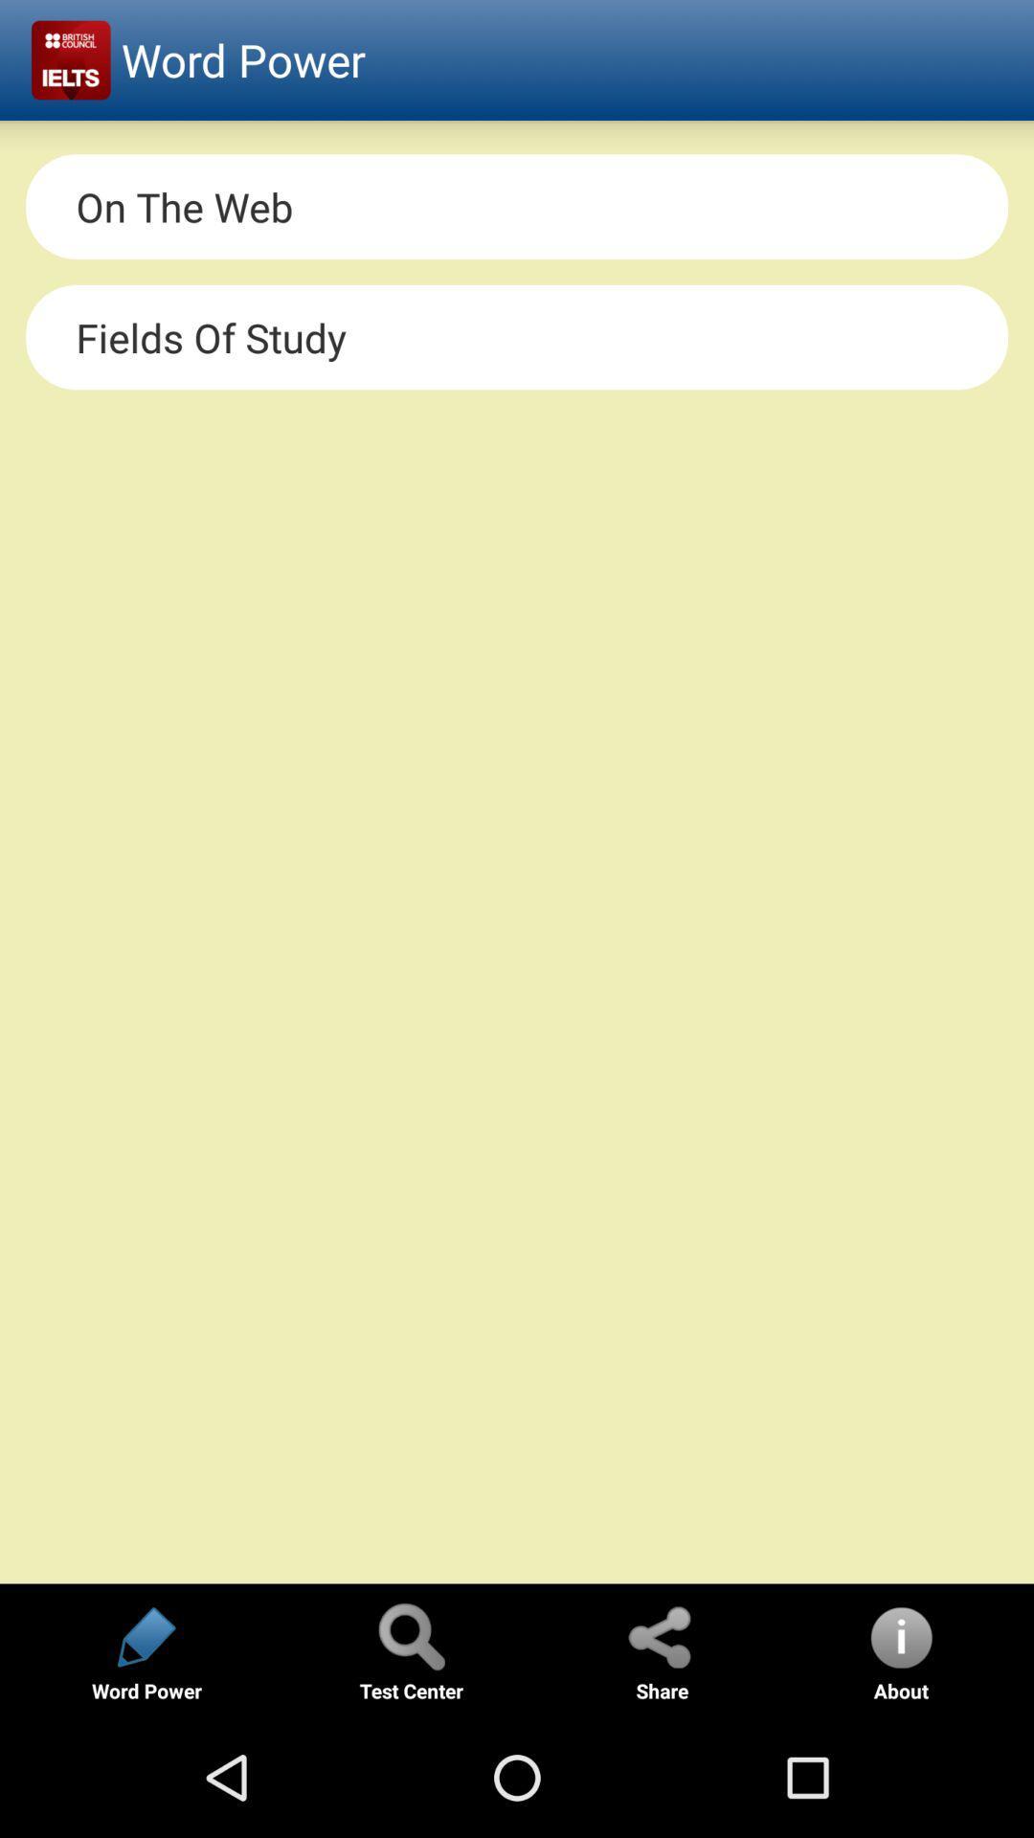 The height and width of the screenshot is (1838, 1034). What do you see at coordinates (410, 1635) in the screenshot?
I see `find test center` at bounding box center [410, 1635].